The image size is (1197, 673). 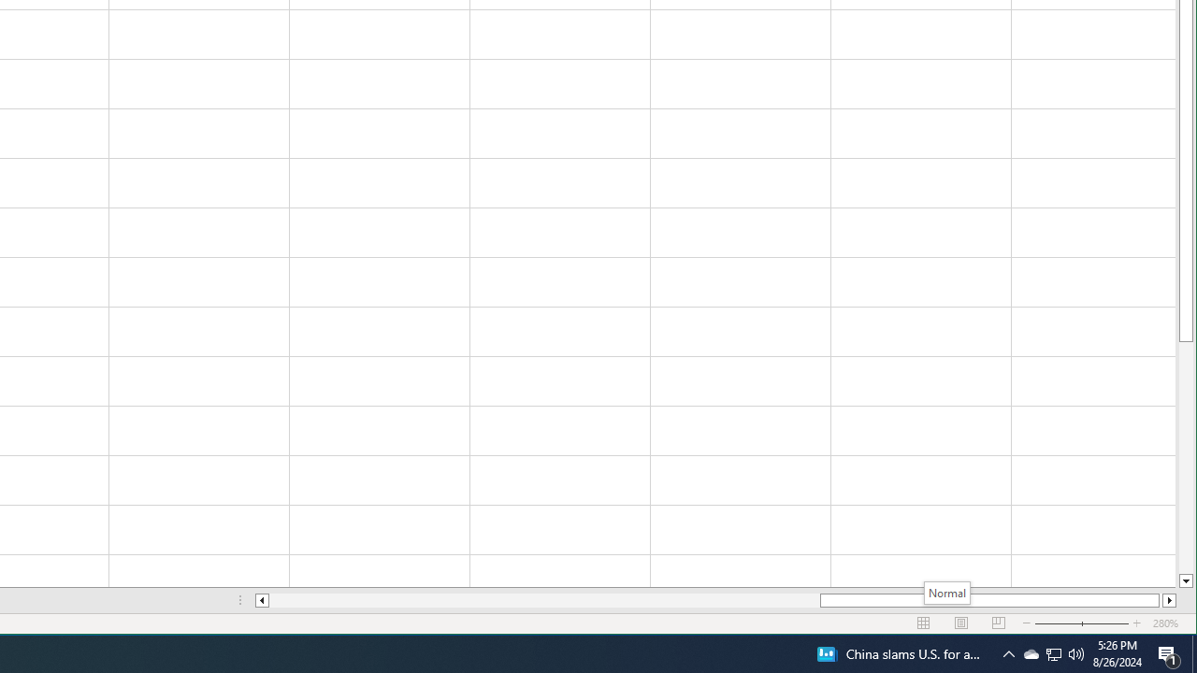 What do you see at coordinates (1030, 652) in the screenshot?
I see `'Notification Chevron'` at bounding box center [1030, 652].